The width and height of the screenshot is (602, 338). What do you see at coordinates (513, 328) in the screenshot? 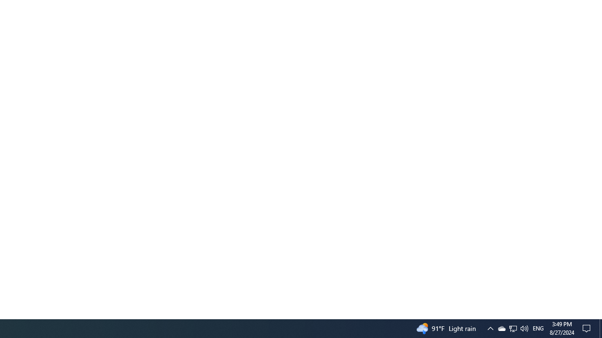
I see `'Tray Input Indicator - English (United States)'` at bounding box center [513, 328].